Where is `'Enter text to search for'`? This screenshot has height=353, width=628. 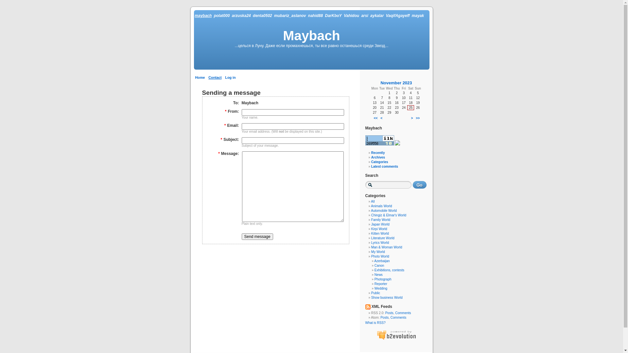 'Enter text to search for' is located at coordinates (365, 185).